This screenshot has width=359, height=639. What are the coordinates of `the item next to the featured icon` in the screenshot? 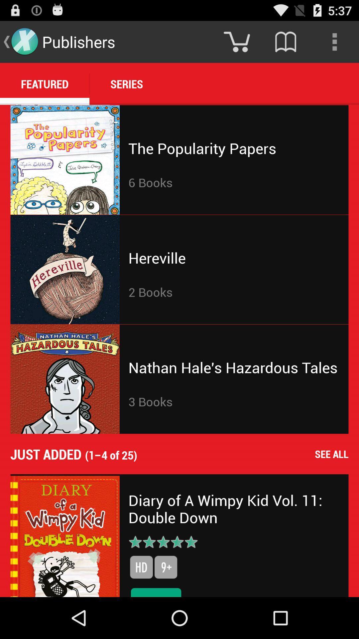 It's located at (127, 84).